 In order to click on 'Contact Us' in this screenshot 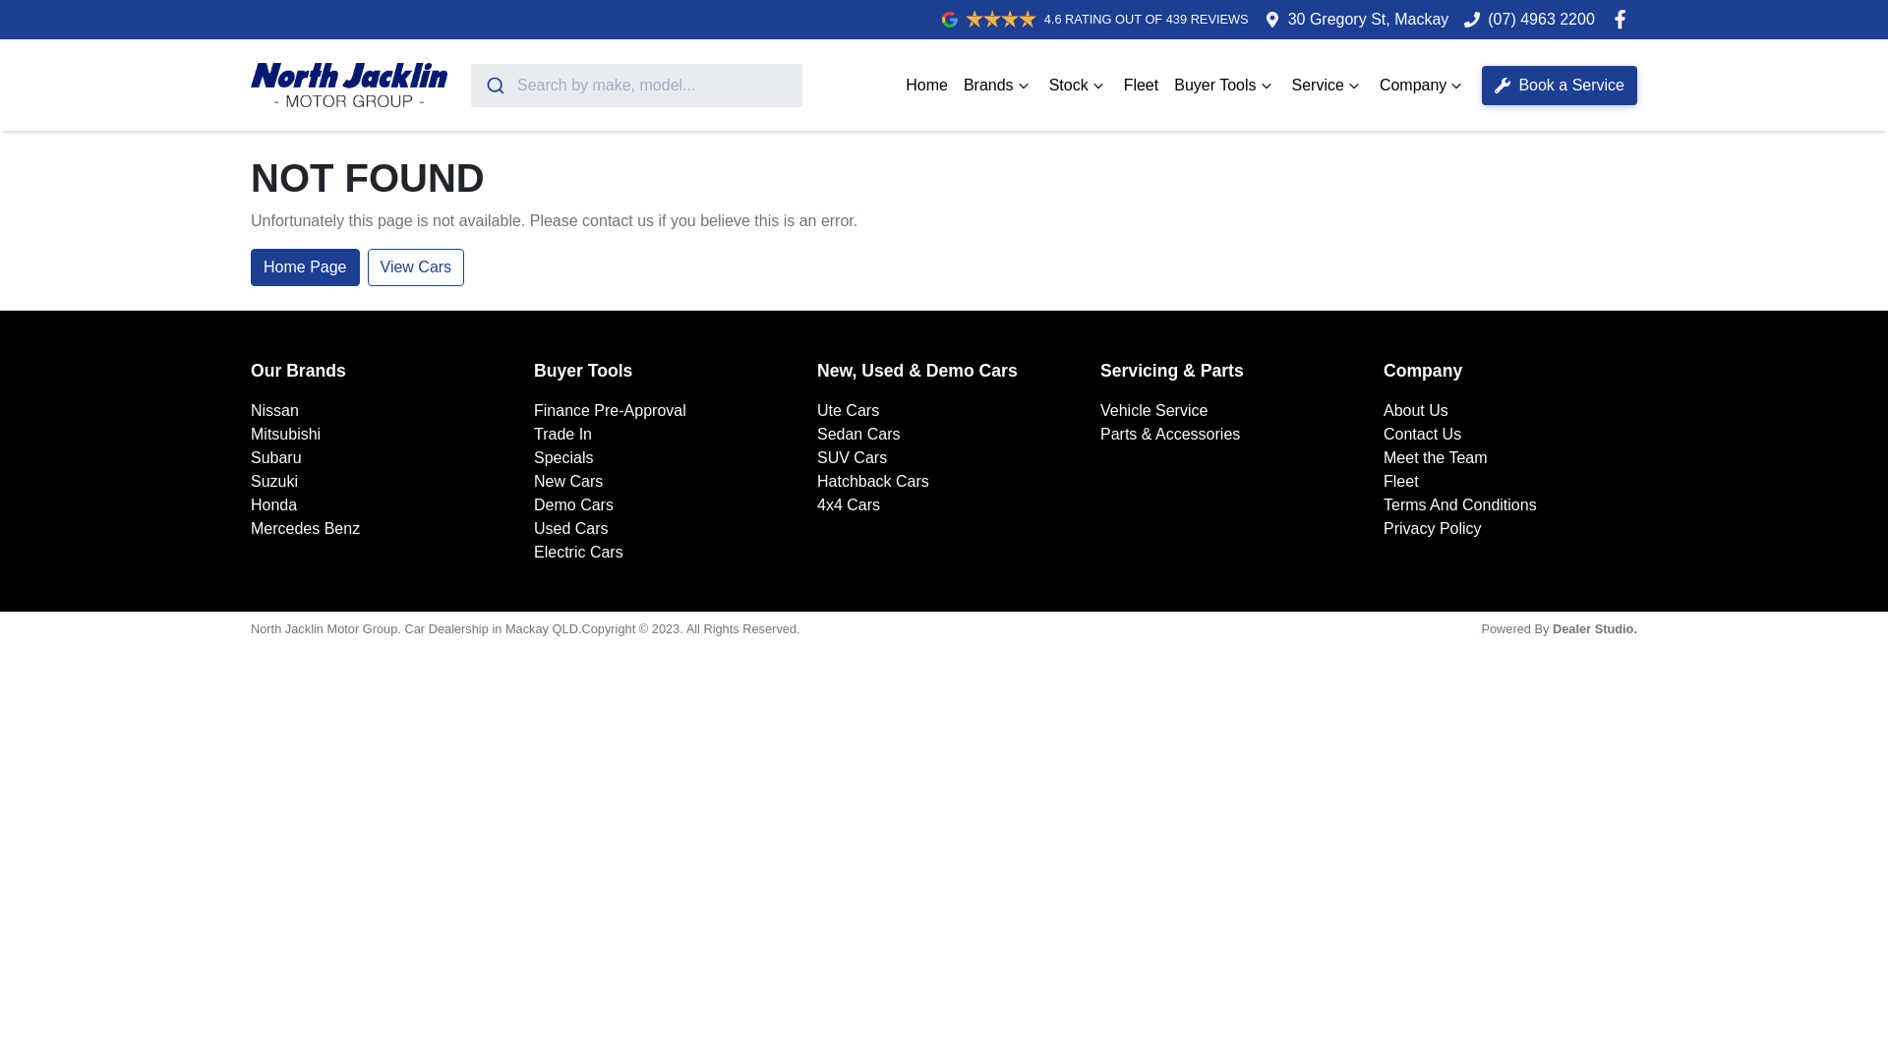, I will do `click(1382, 433)`.